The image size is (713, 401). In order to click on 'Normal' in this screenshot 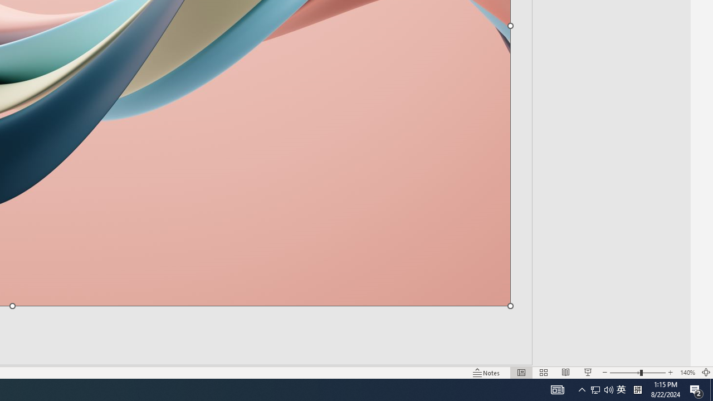, I will do `click(521, 373)`.